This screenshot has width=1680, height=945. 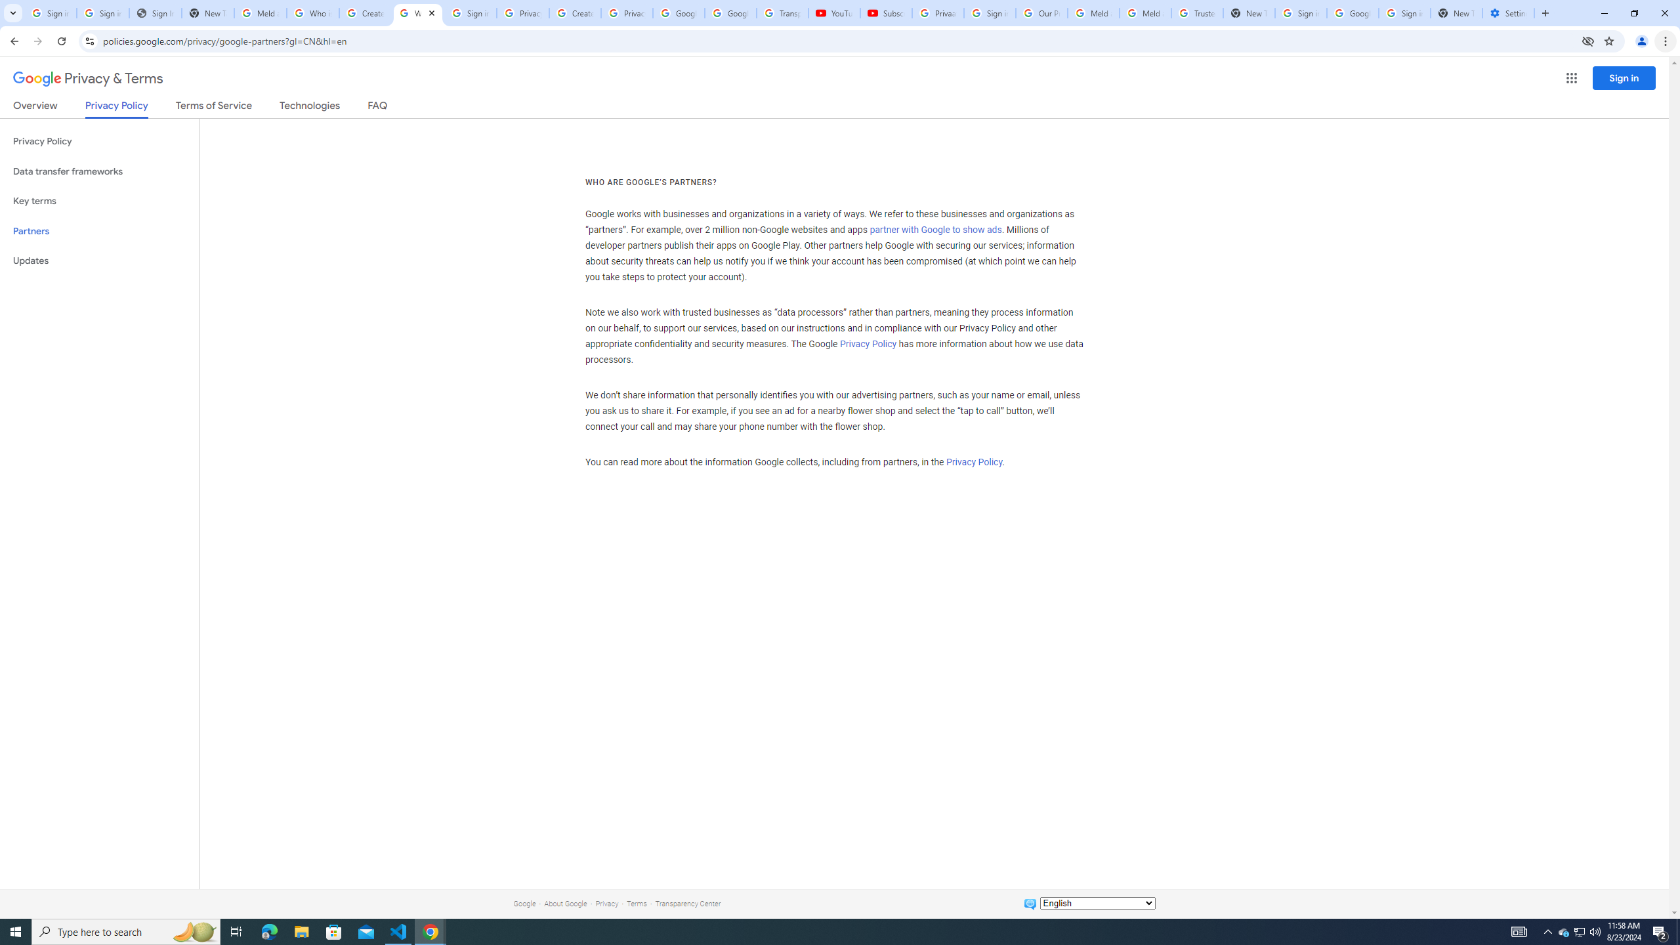 What do you see at coordinates (312, 12) in the screenshot?
I see `'Who is my administrator? - Google Account Help'` at bounding box center [312, 12].